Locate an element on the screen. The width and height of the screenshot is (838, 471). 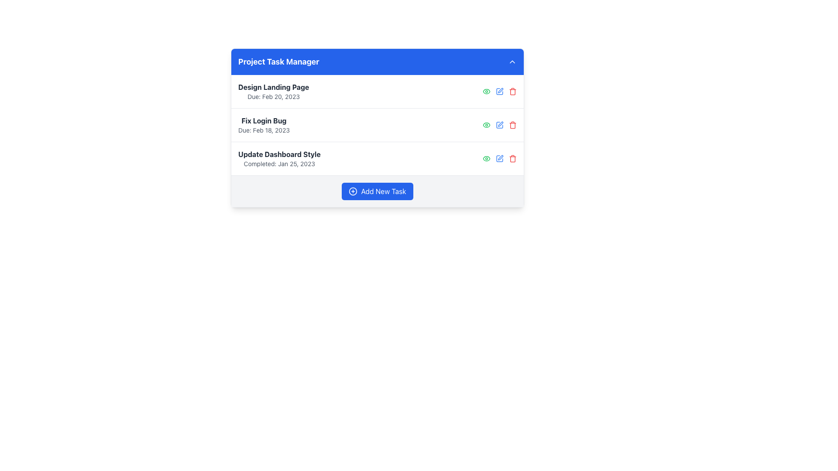
the trash can icon button, which is the third icon in the row associated with the 'Fix Login Bug' task entry is located at coordinates (513, 125).